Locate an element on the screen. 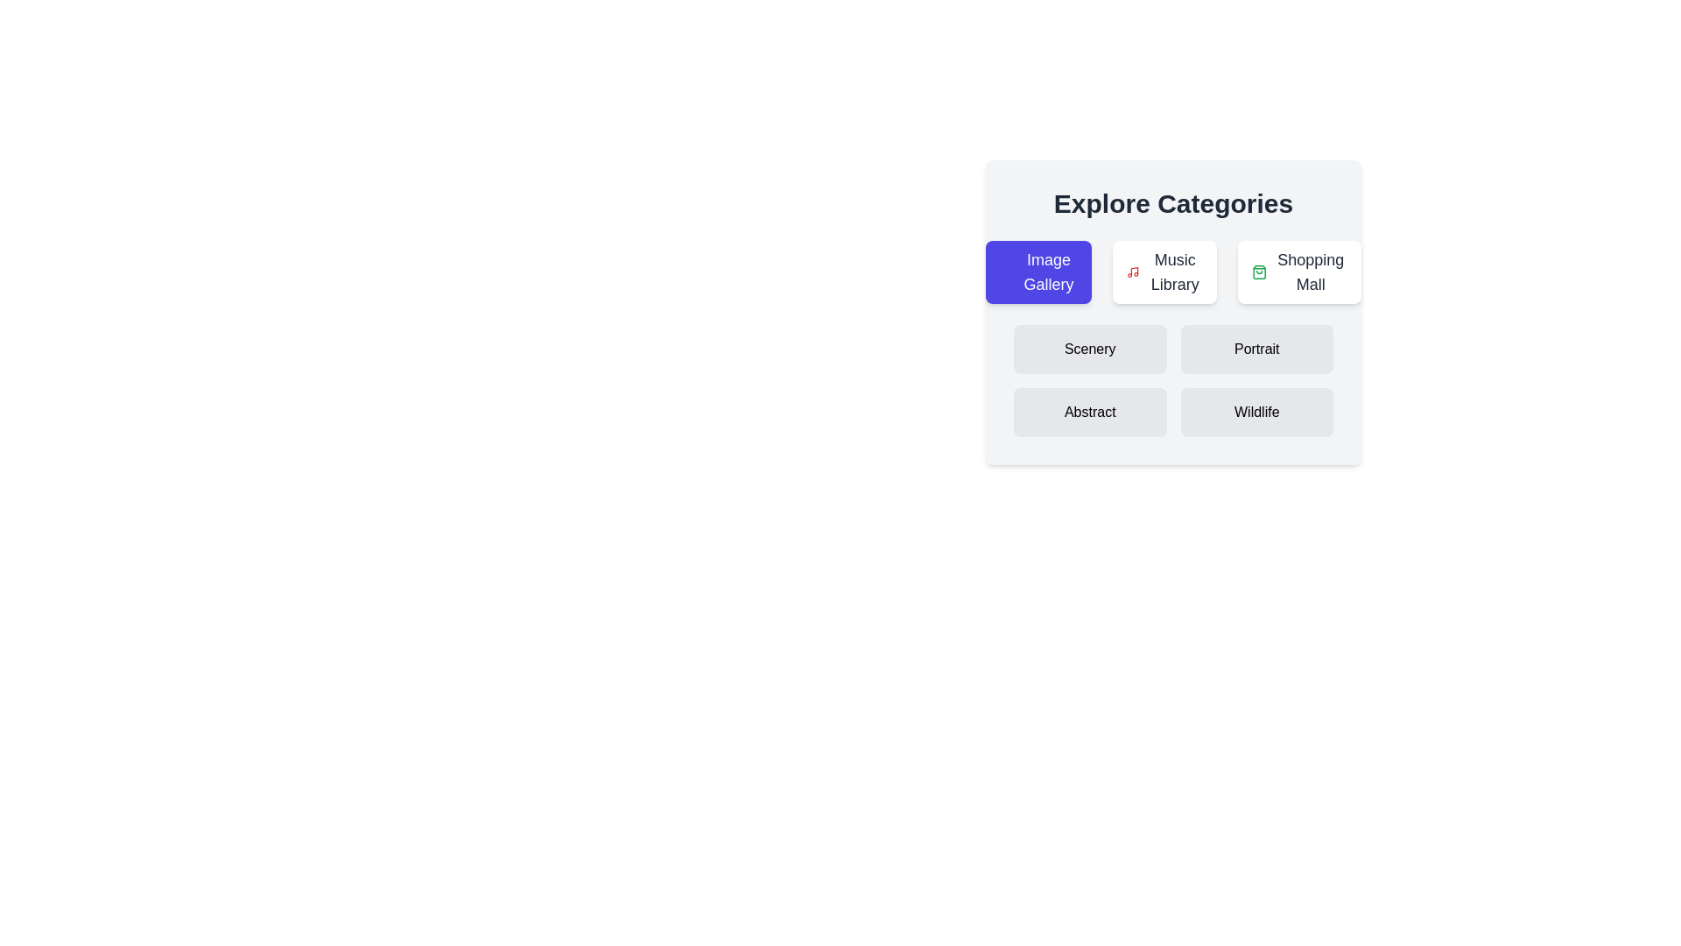 The image size is (1681, 946). the 'Image Gallery' button with a vibrant indigo background and white text, located in the top area of the 'Explore Categories' section is located at coordinates (1038, 272).